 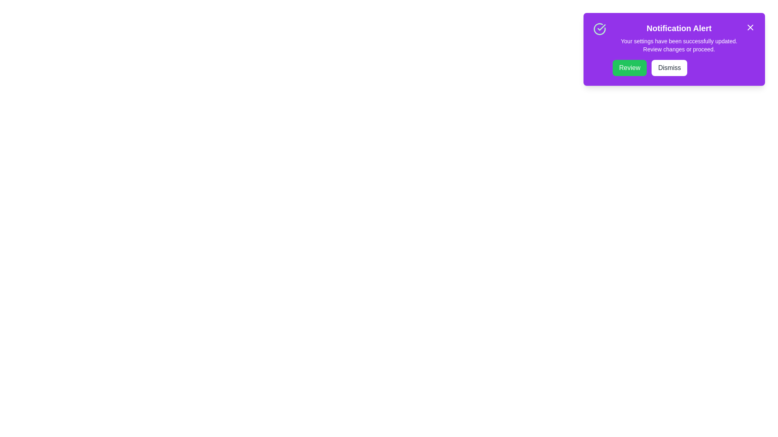 I want to click on the small button with an 'X' icon on a purple background, so click(x=750, y=27).